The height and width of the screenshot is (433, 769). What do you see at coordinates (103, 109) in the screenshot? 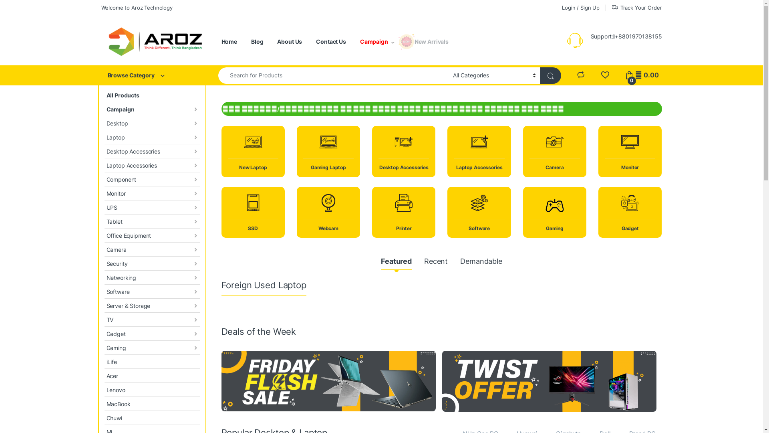
I see `'Campaign'` at bounding box center [103, 109].